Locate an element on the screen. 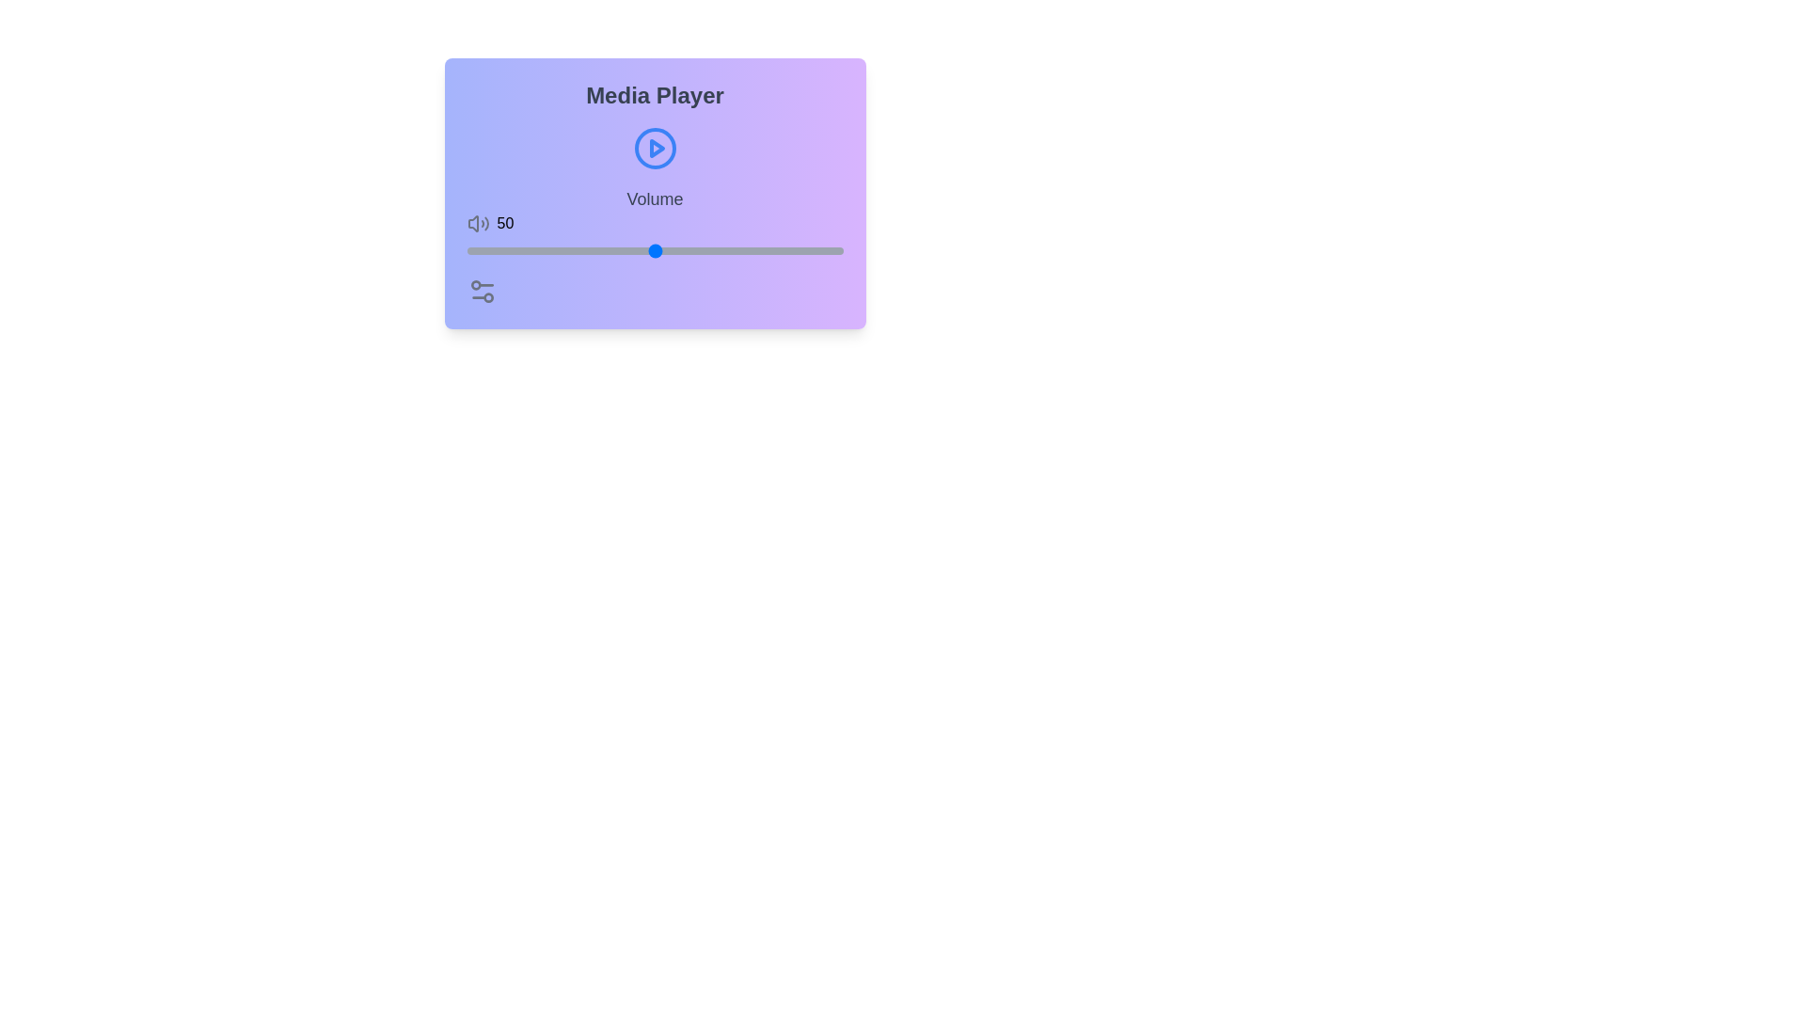 The width and height of the screenshot is (1806, 1016). the play button located below the 'Media Player' title to initiate media playback is located at coordinates (655, 148).